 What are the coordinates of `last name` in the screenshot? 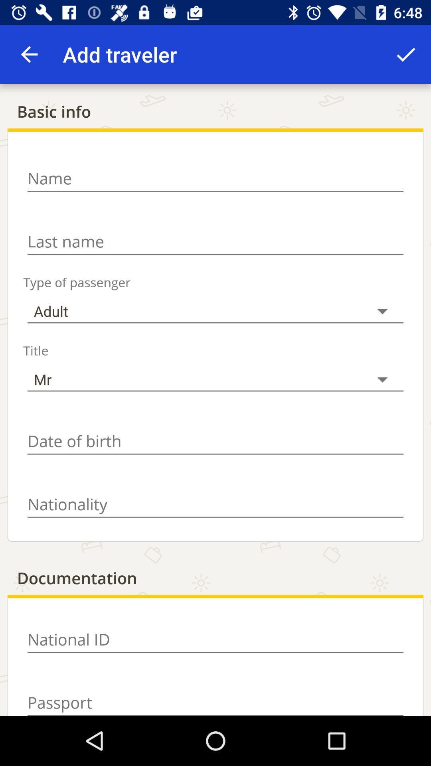 It's located at (215, 241).